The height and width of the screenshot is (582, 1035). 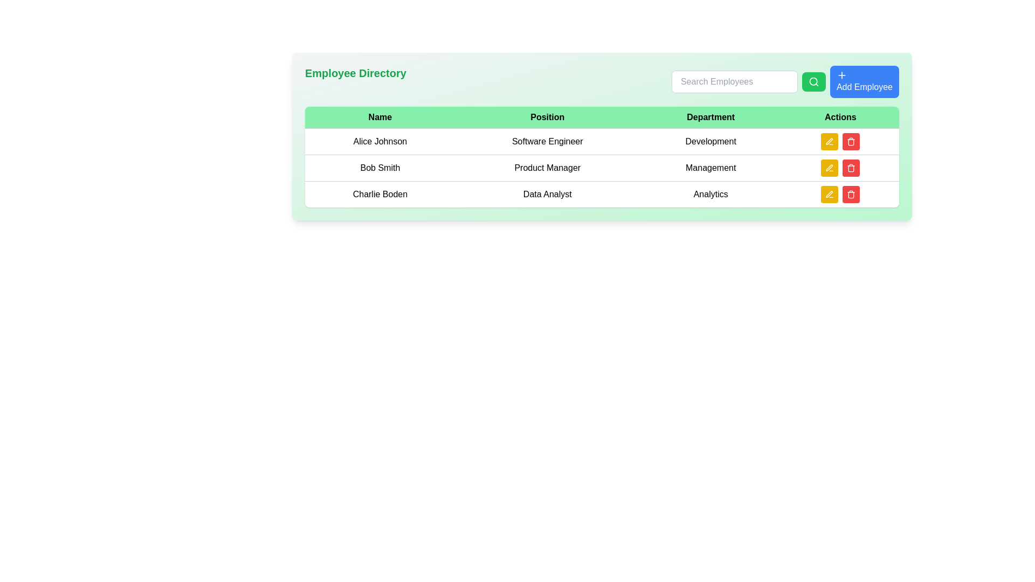 What do you see at coordinates (851, 195) in the screenshot?
I see `the trash icon representing the delete action in the 'Actions' column of the last row in the table` at bounding box center [851, 195].